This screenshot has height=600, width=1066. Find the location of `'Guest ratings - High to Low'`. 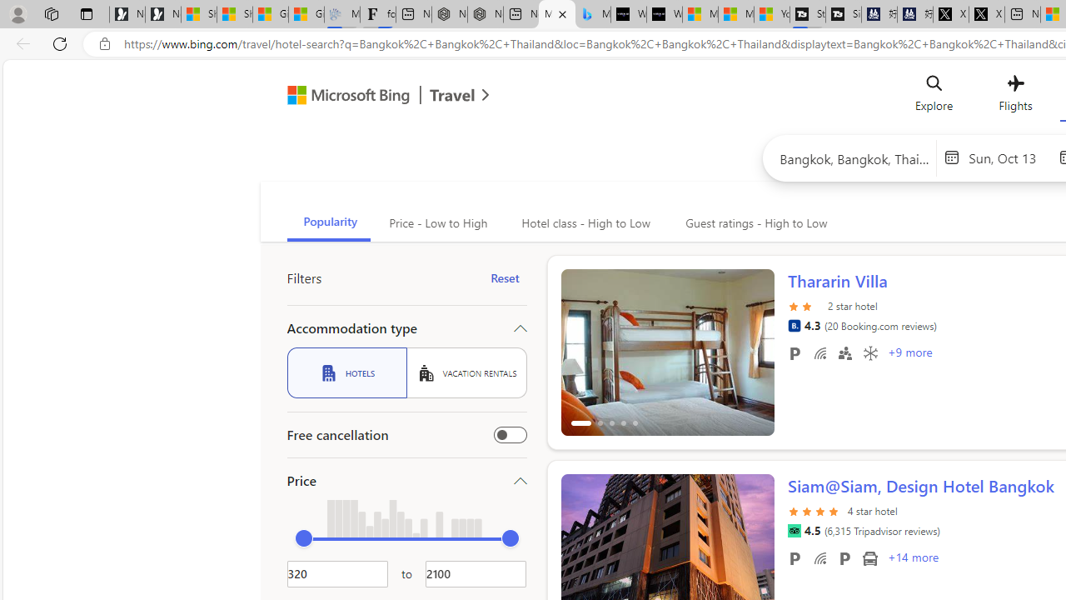

'Guest ratings - High to Low' is located at coordinates (753, 222).